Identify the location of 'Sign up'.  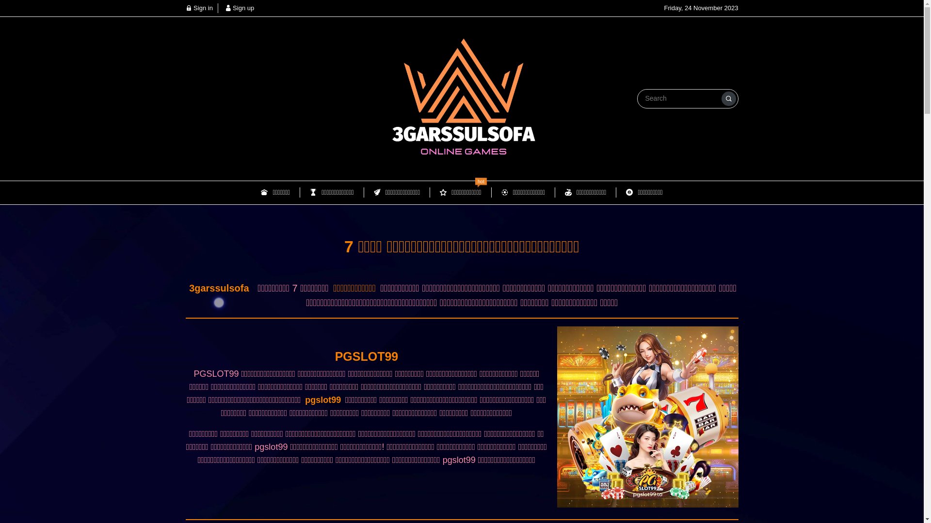
(240, 8).